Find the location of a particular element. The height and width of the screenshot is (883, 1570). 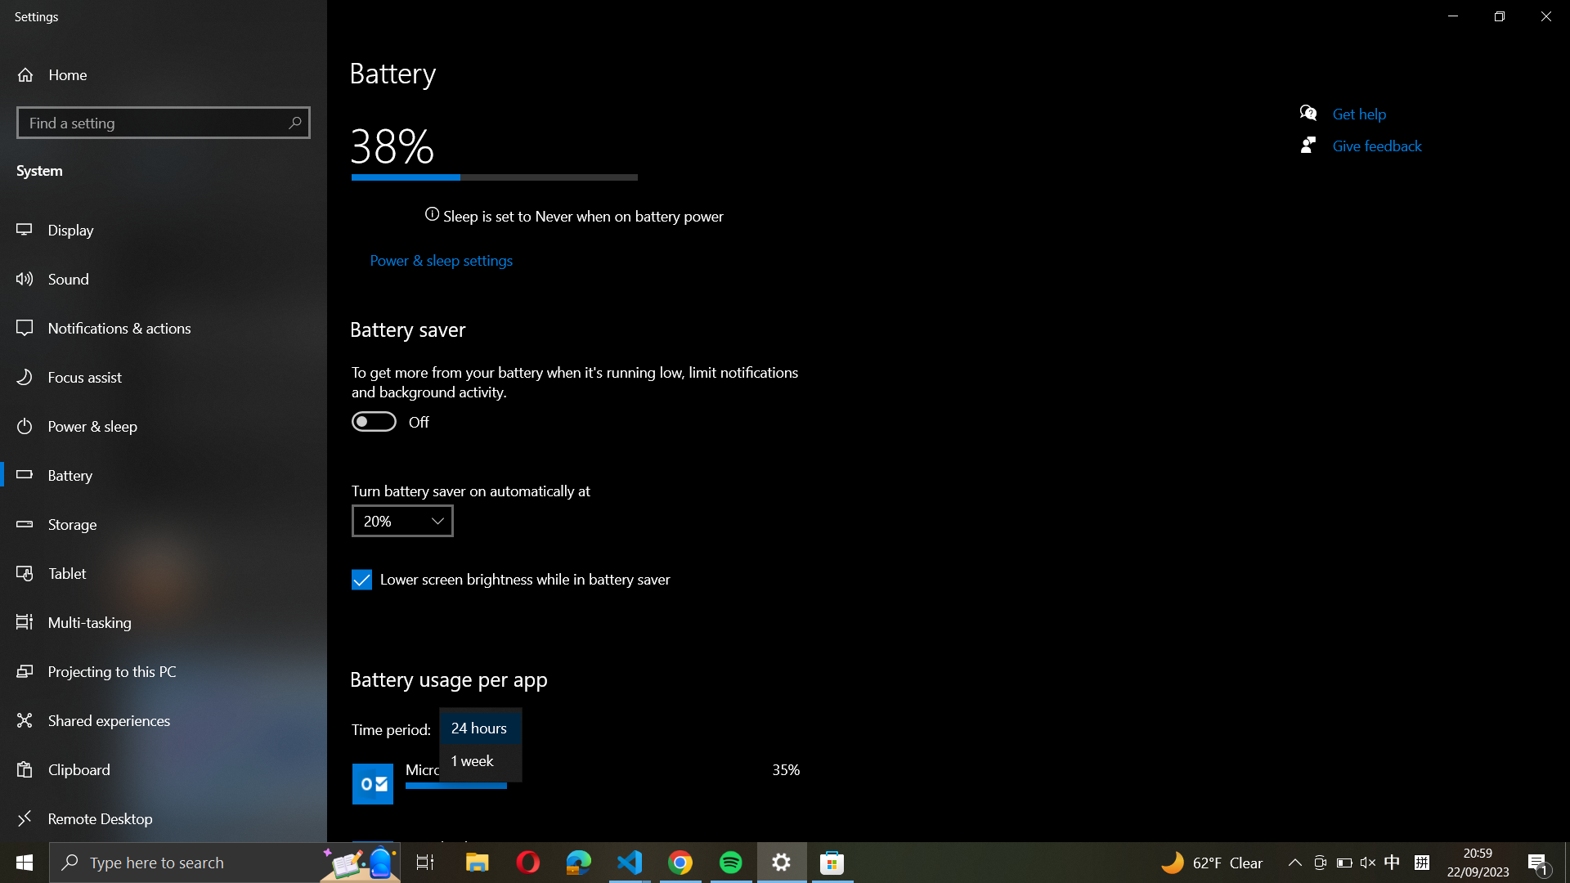

the remote desktop and scroll down for additional settings is located at coordinates (318710, 885207).